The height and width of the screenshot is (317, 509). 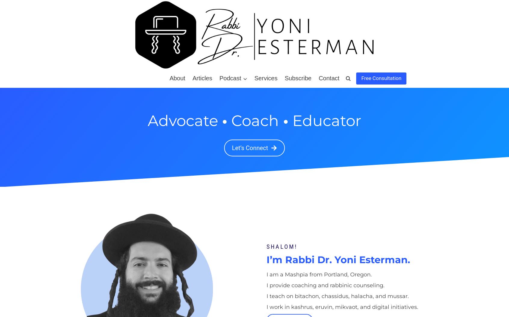 What do you see at coordinates (253, 120) in the screenshot?
I see `'Coach'` at bounding box center [253, 120].